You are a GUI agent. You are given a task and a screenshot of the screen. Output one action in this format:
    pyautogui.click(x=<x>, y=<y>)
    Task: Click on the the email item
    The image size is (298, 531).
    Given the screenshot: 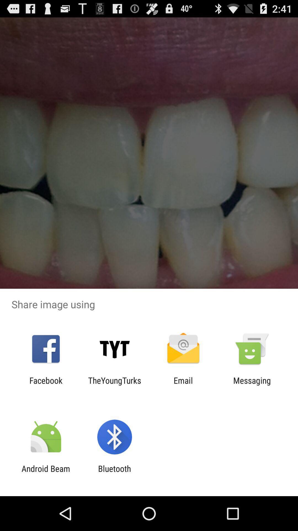 What is the action you would take?
    pyautogui.click(x=183, y=385)
    